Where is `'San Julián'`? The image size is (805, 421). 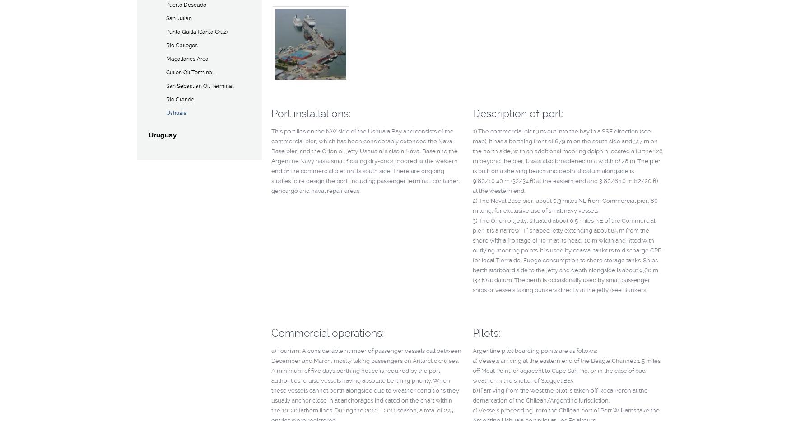 'San Julián' is located at coordinates (178, 18).